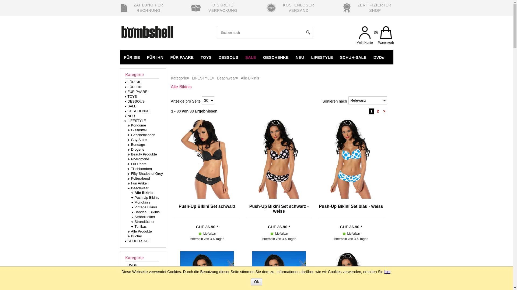 The image size is (517, 290). Describe the element at coordinates (139, 130) in the screenshot. I see `' Gleitmittel'` at that location.